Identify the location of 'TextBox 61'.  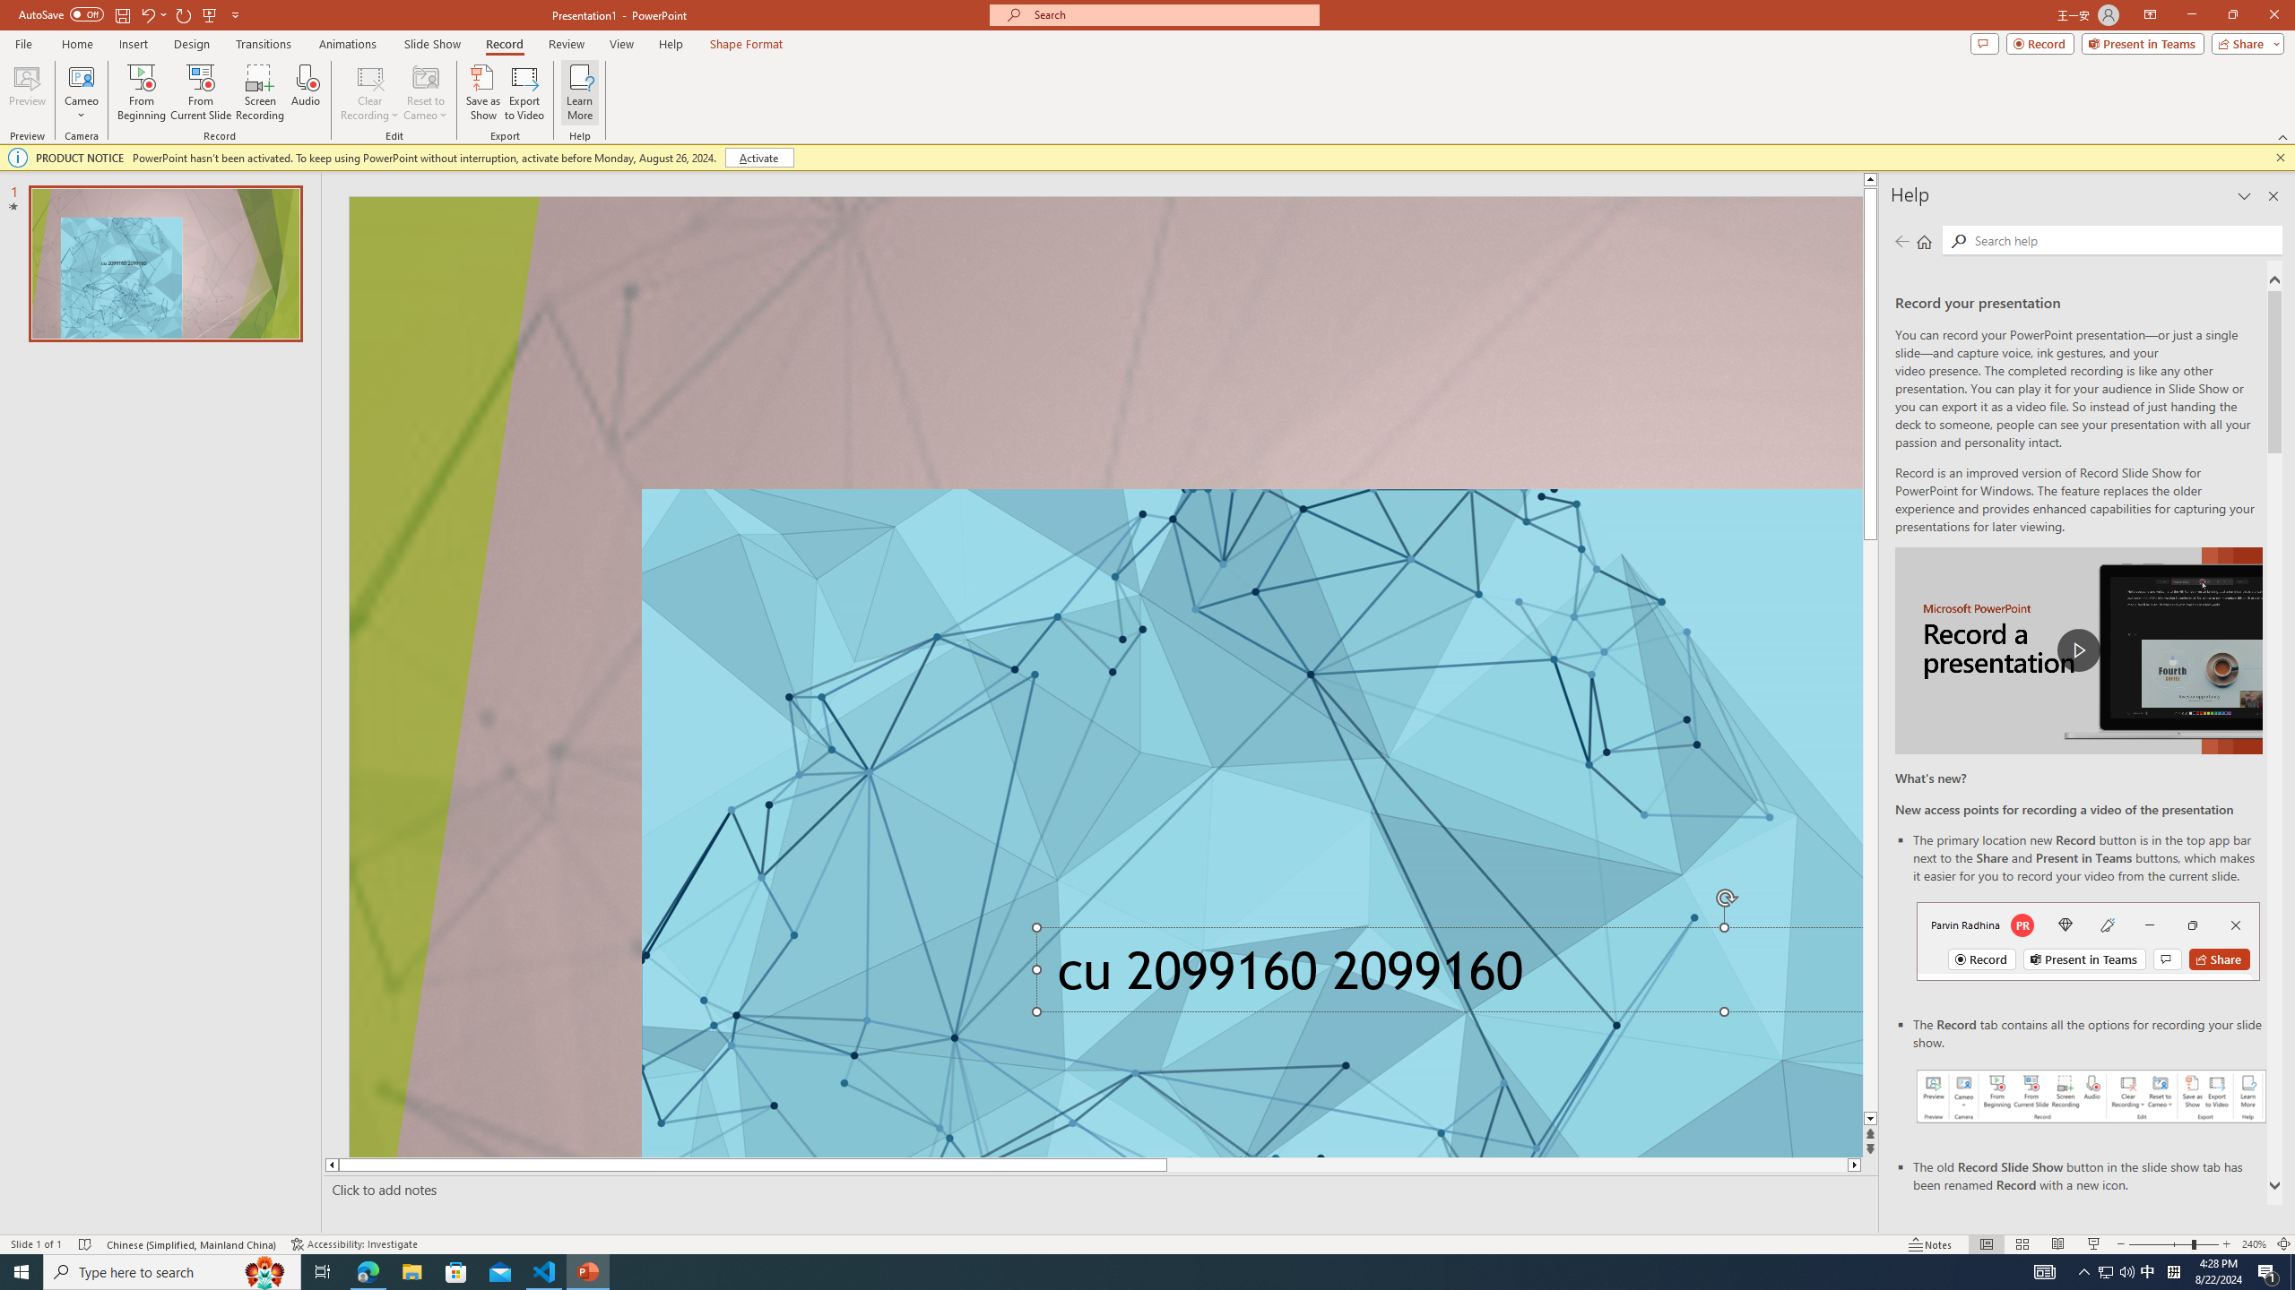
(1443, 976).